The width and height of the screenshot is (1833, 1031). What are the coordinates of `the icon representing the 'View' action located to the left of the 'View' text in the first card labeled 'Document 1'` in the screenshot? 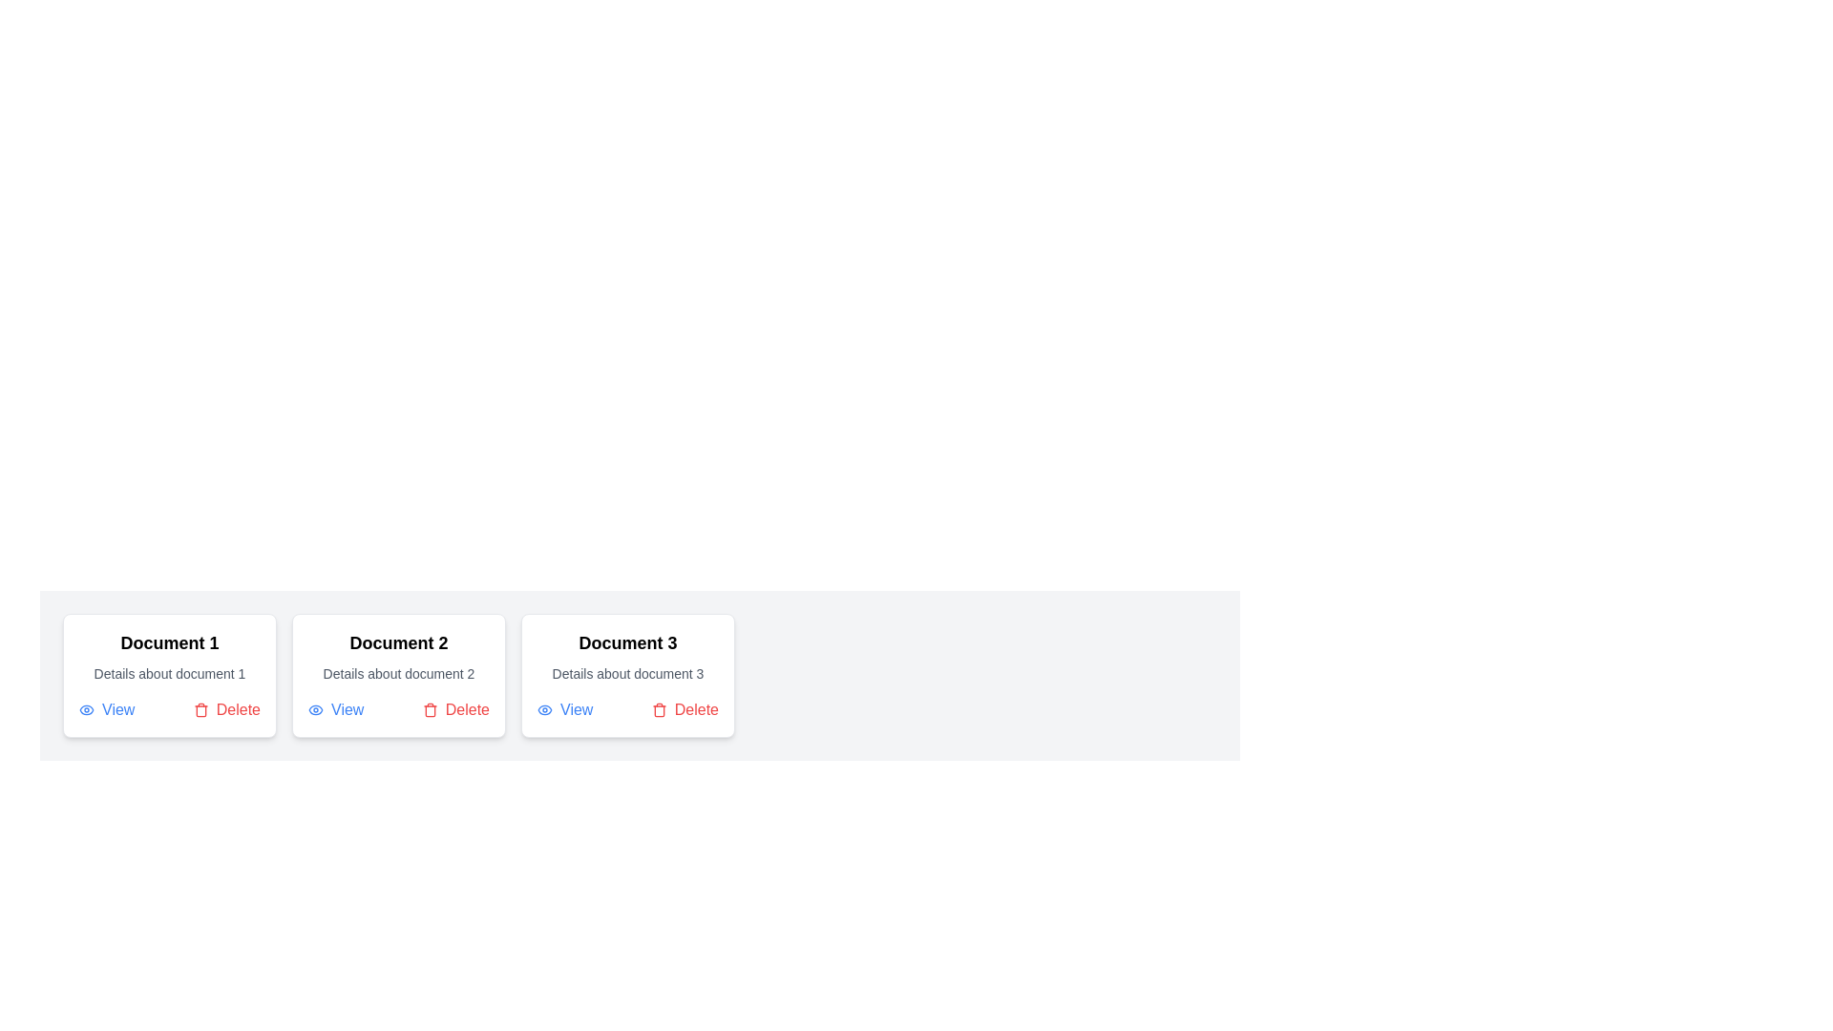 It's located at (86, 710).